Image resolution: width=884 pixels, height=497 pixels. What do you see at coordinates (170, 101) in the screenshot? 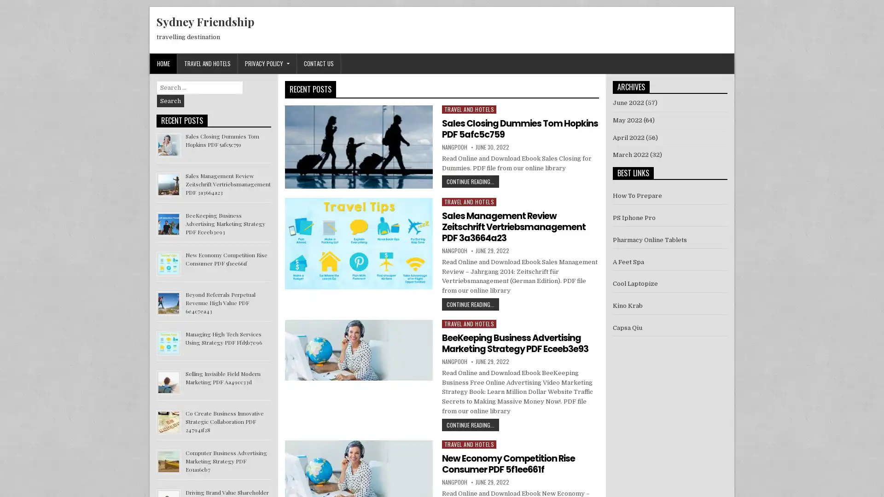
I see `Search` at bounding box center [170, 101].